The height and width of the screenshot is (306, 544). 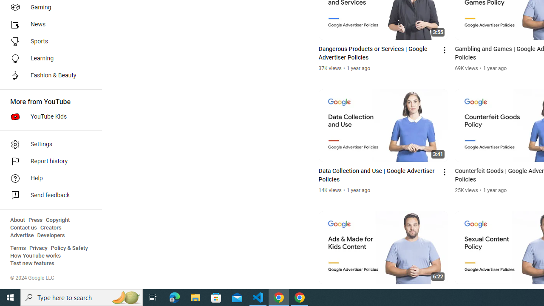 I want to click on 'Report history', so click(x=48, y=161).